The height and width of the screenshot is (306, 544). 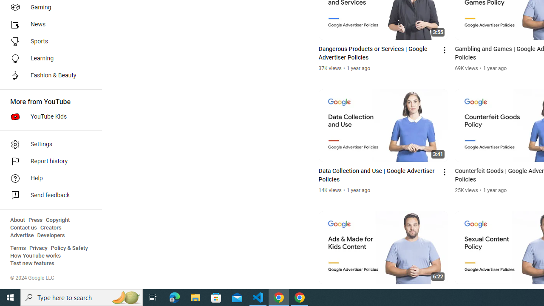 I want to click on 'Report history', so click(x=48, y=161).